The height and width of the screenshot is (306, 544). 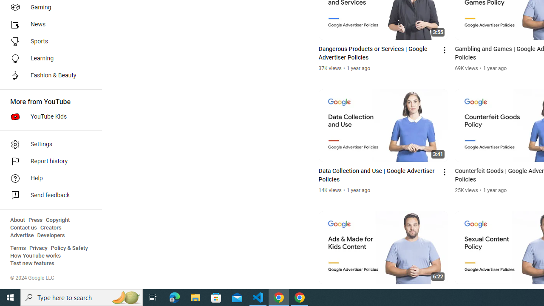 I want to click on 'Report history', so click(x=48, y=161).